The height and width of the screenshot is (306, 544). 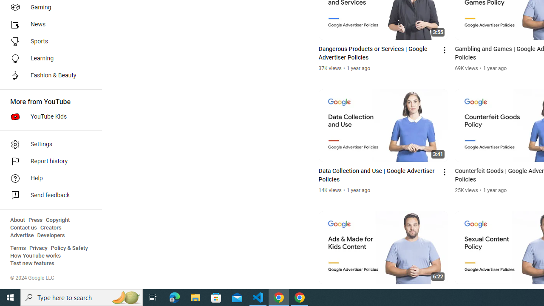 I want to click on 'Report history', so click(x=48, y=161).